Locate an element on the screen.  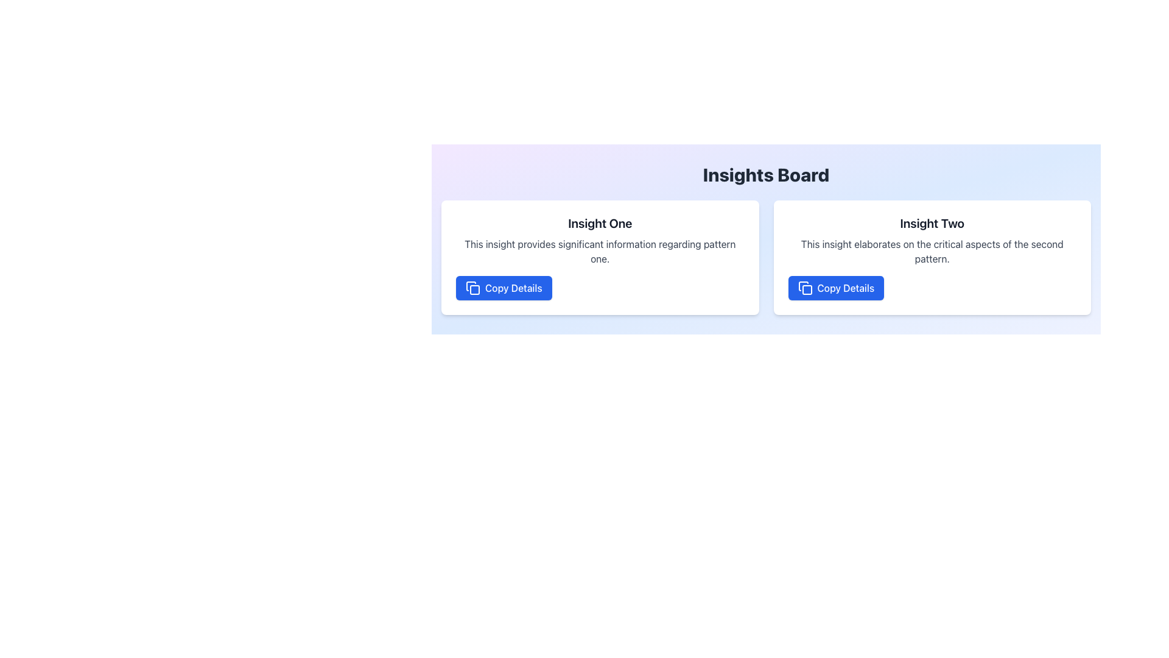
title 'Insight Two' and the descriptive paragraph of the card component located in the top-right corner of the grid is located at coordinates (932, 257).